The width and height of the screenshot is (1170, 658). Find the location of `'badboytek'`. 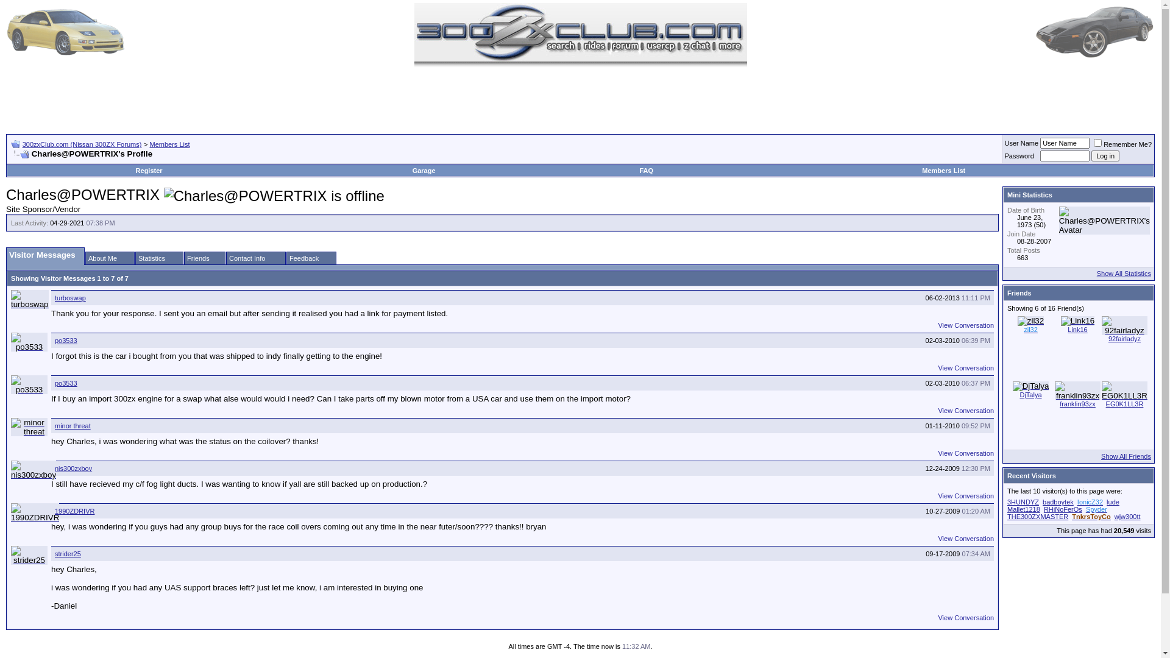

'badboytek' is located at coordinates (1057, 502).